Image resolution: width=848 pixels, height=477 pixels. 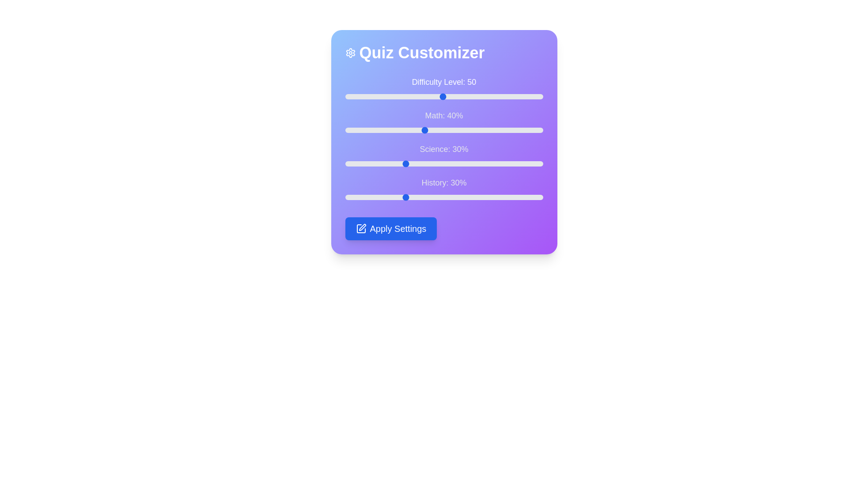 I want to click on the History percentage slider to 49%, so click(x=442, y=197).